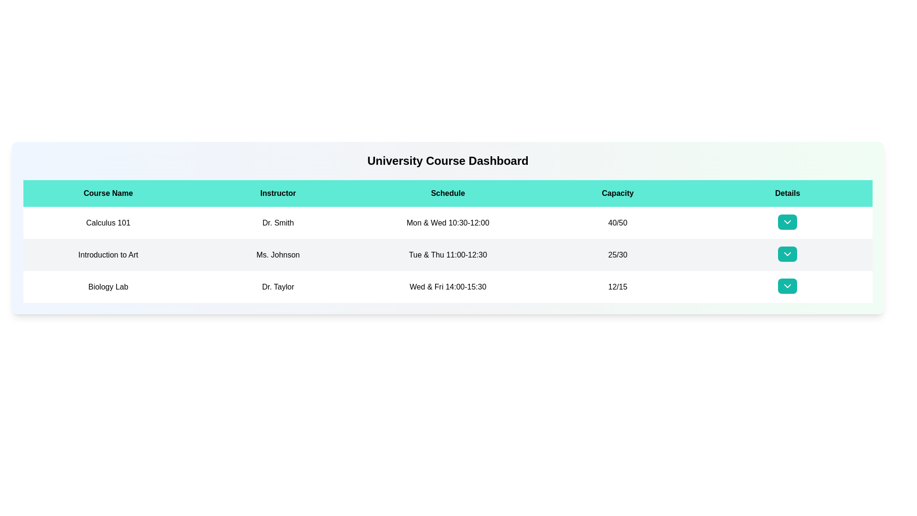  What do you see at coordinates (447, 223) in the screenshot?
I see `the static text label displaying the schedule for the 'Calculus 101' course, located in the third column under the 'Schedule' heading` at bounding box center [447, 223].